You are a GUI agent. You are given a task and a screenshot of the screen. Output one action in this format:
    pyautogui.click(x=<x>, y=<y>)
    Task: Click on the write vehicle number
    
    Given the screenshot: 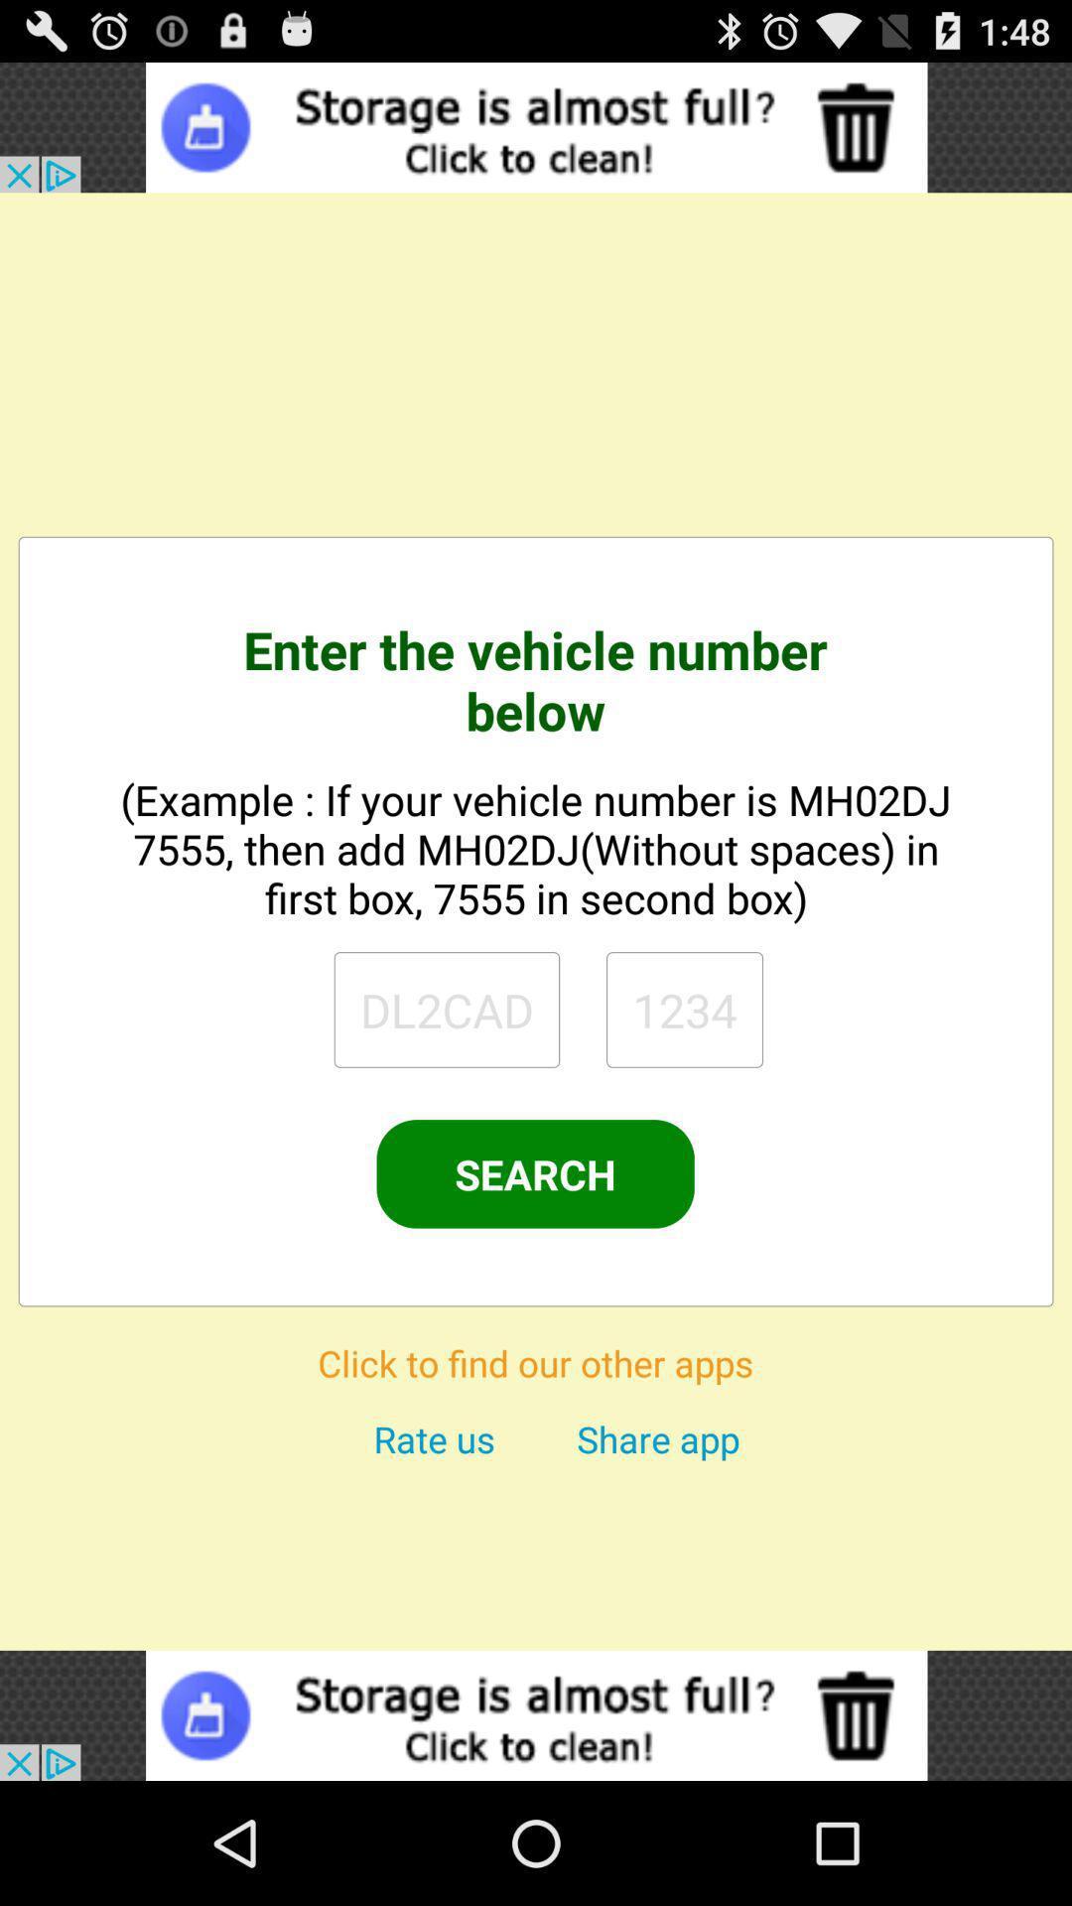 What is the action you would take?
    pyautogui.click(x=447, y=1010)
    